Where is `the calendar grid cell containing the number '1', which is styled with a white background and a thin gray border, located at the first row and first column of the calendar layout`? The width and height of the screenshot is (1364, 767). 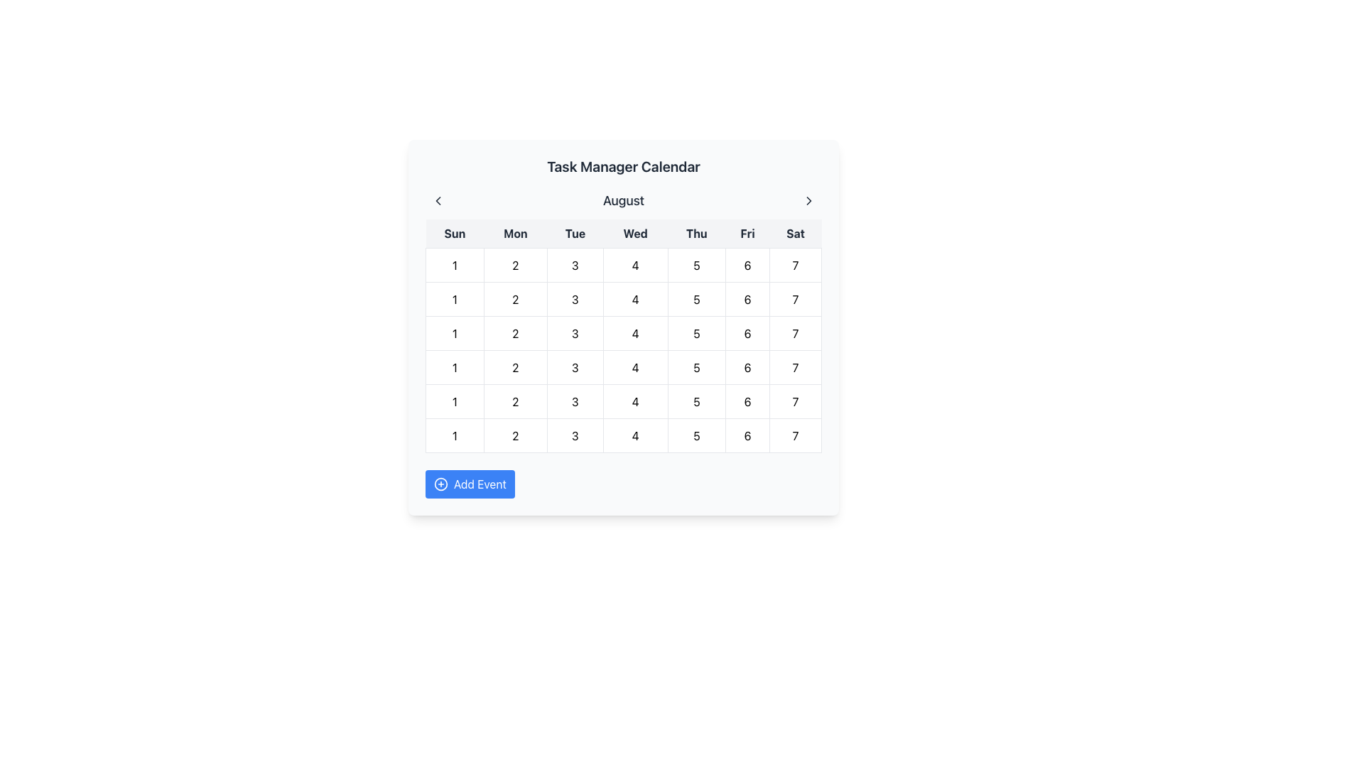
the calendar grid cell containing the number '1', which is styled with a white background and a thin gray border, located at the first row and first column of the calendar layout is located at coordinates (455, 265).